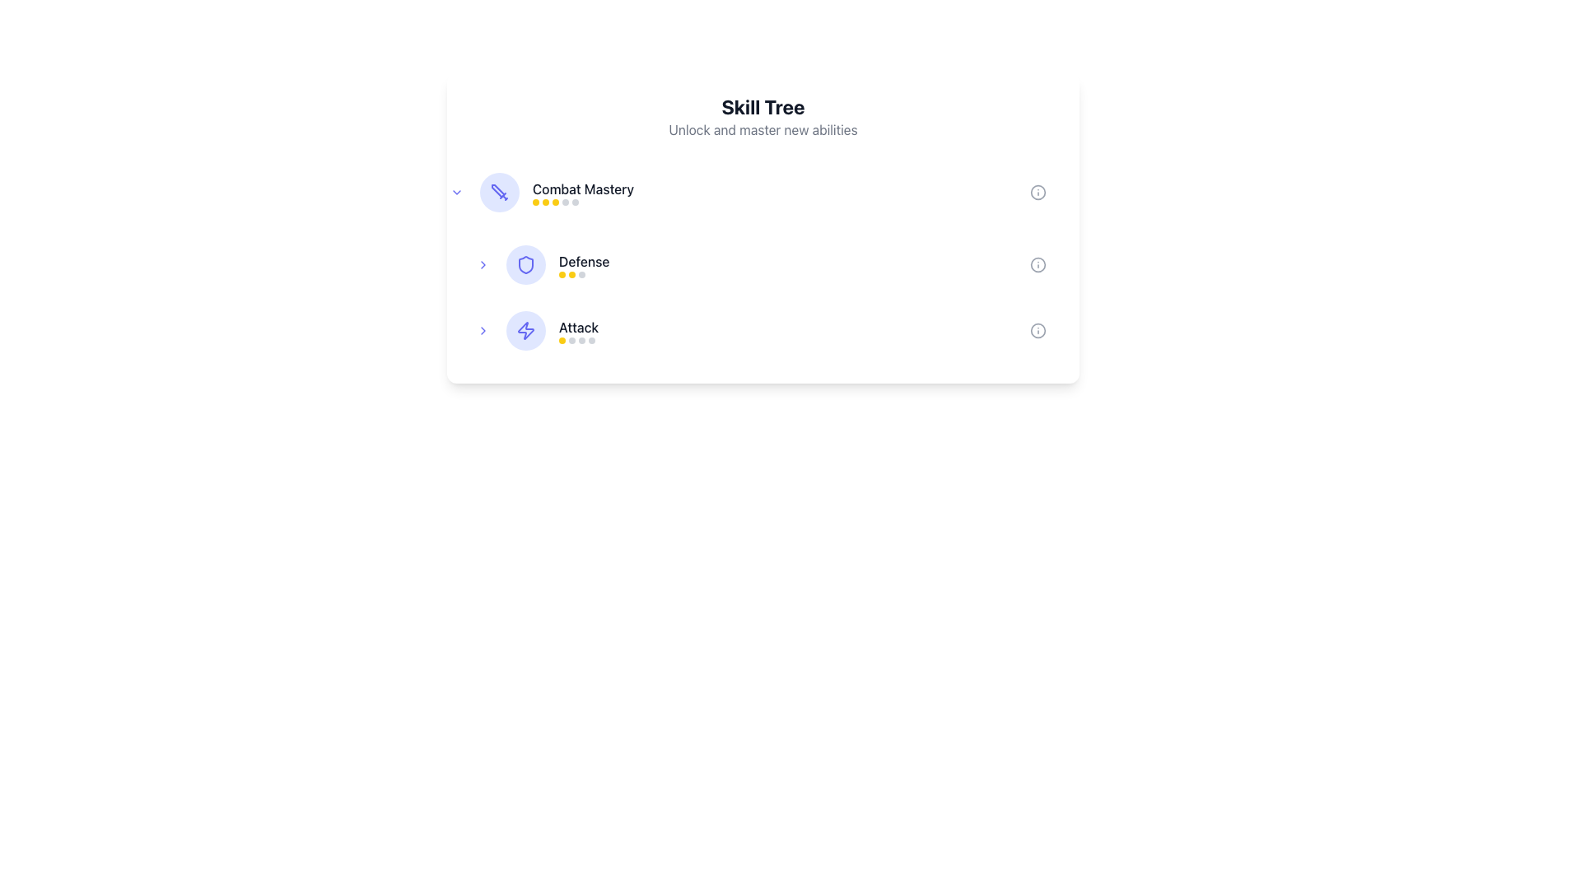 This screenshot has width=1581, height=889. I want to click on the SVG circle element representing part of the 'info' icon located in the upper-right corner of the interface, aligned with the 'Skill Tree' title, so click(1038, 192).